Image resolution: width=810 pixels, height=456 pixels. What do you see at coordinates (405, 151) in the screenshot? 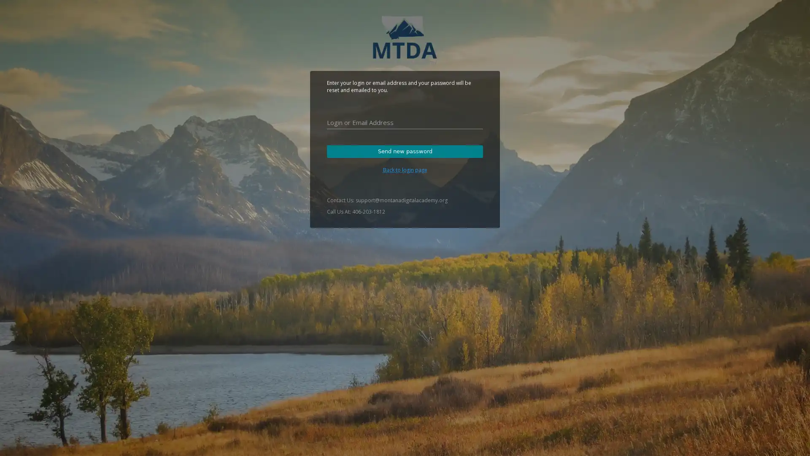
I see `Send new password` at bounding box center [405, 151].